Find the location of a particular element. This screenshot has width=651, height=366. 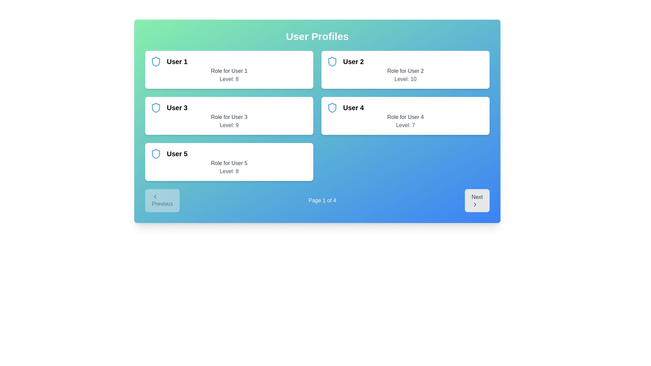

the shield icon on the left side of the profile card labeled 'User 2', which symbolizes security or protection and is located in the second card of the user profile grid is located at coordinates (332, 61).